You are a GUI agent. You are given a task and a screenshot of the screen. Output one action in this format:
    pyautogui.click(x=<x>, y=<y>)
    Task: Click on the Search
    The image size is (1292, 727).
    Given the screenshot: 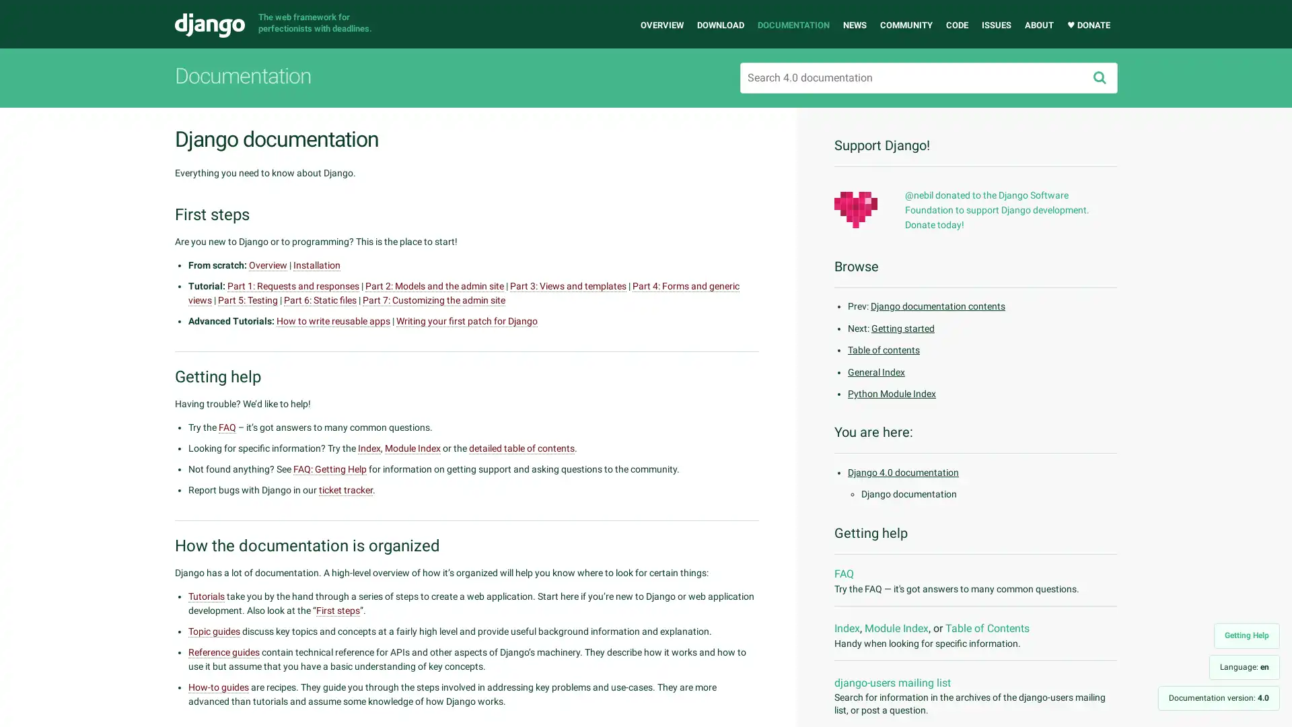 What is the action you would take?
    pyautogui.click(x=1099, y=77)
    